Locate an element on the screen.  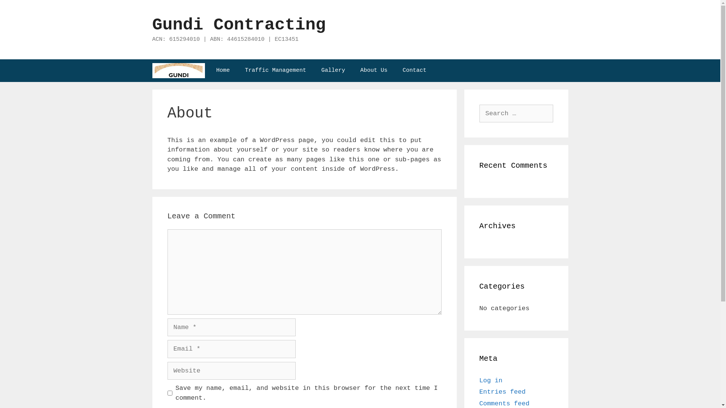
'Entries feed' is located at coordinates (479, 391).